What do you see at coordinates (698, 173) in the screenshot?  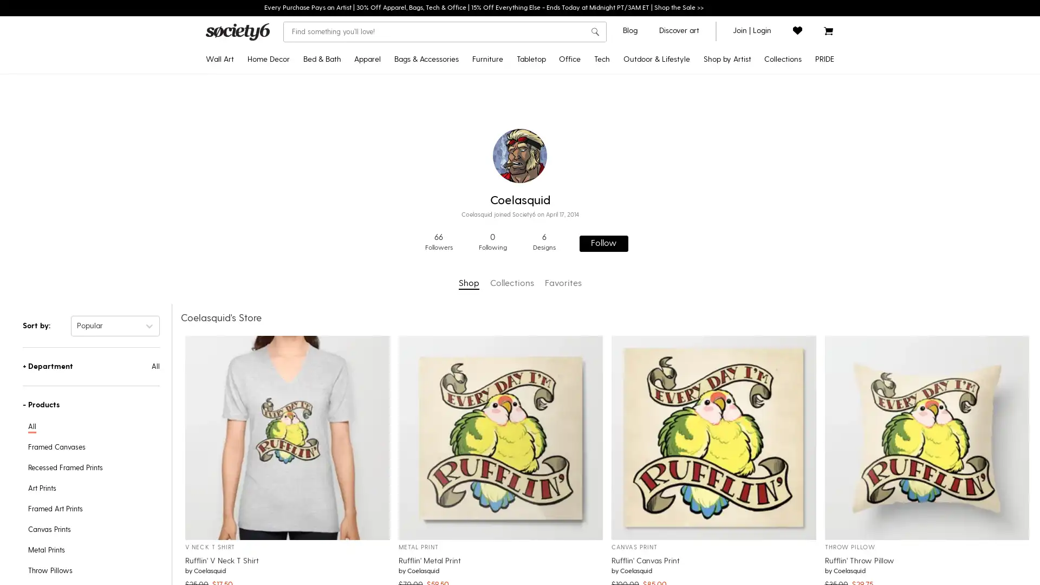 I see `Discover LGBTQIA+ Artists` at bounding box center [698, 173].